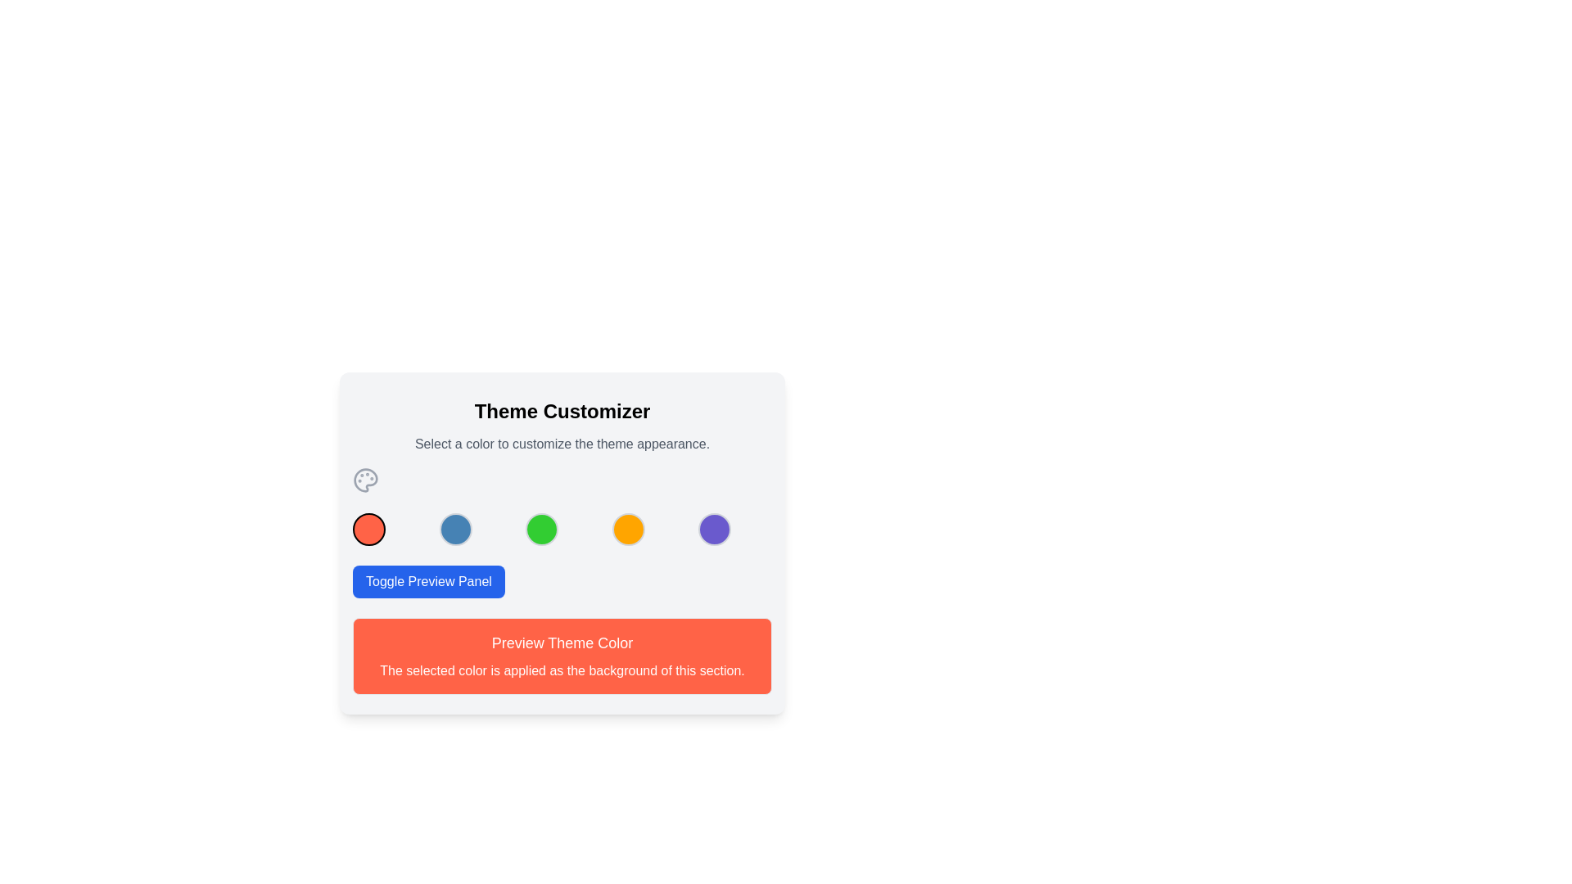 The height and width of the screenshot is (884, 1572). Describe the element at coordinates (562, 580) in the screenshot. I see `the toggle visibility button in the theme customizer` at that location.